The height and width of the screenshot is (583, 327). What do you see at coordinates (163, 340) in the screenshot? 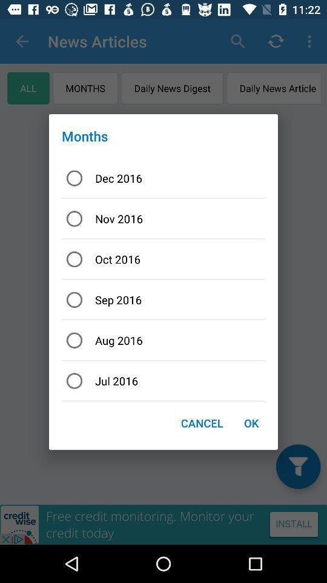
I see `the aug 2016 item` at bounding box center [163, 340].